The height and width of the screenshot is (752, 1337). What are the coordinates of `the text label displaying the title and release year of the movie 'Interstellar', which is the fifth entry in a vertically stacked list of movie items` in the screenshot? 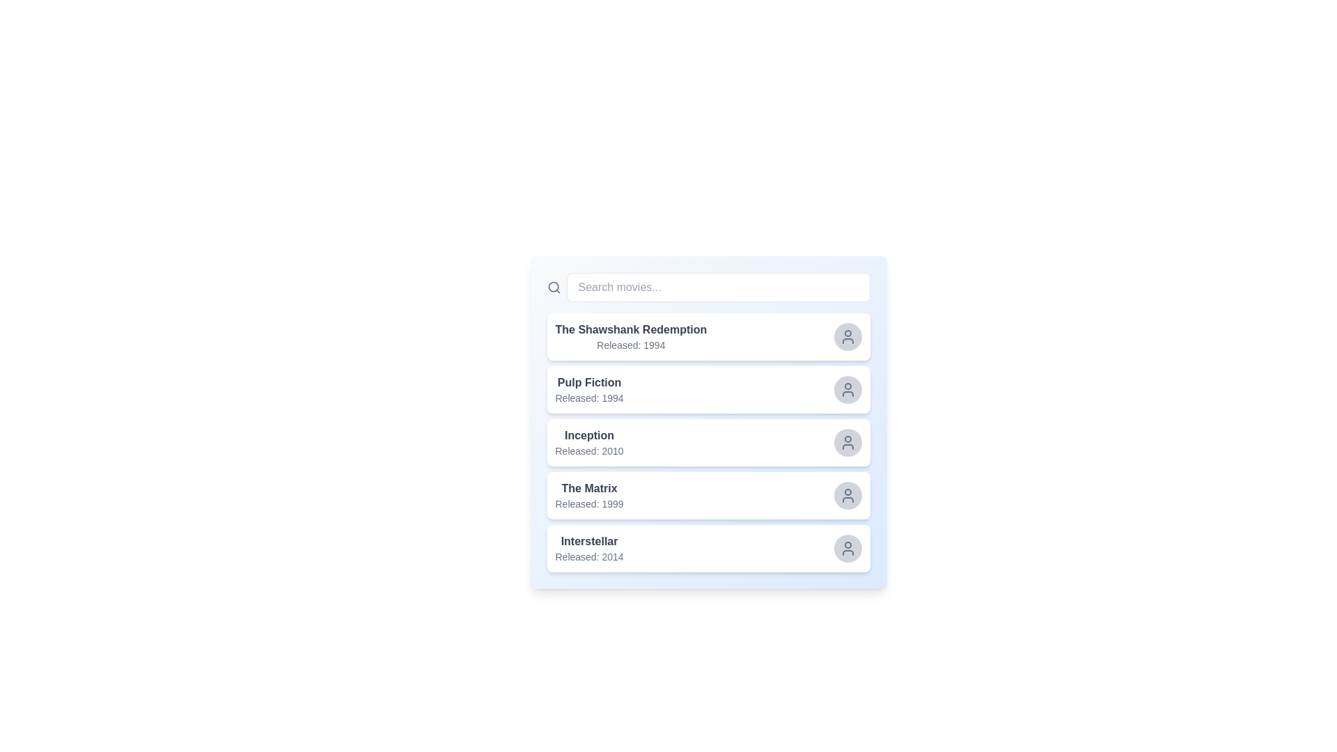 It's located at (589, 547).